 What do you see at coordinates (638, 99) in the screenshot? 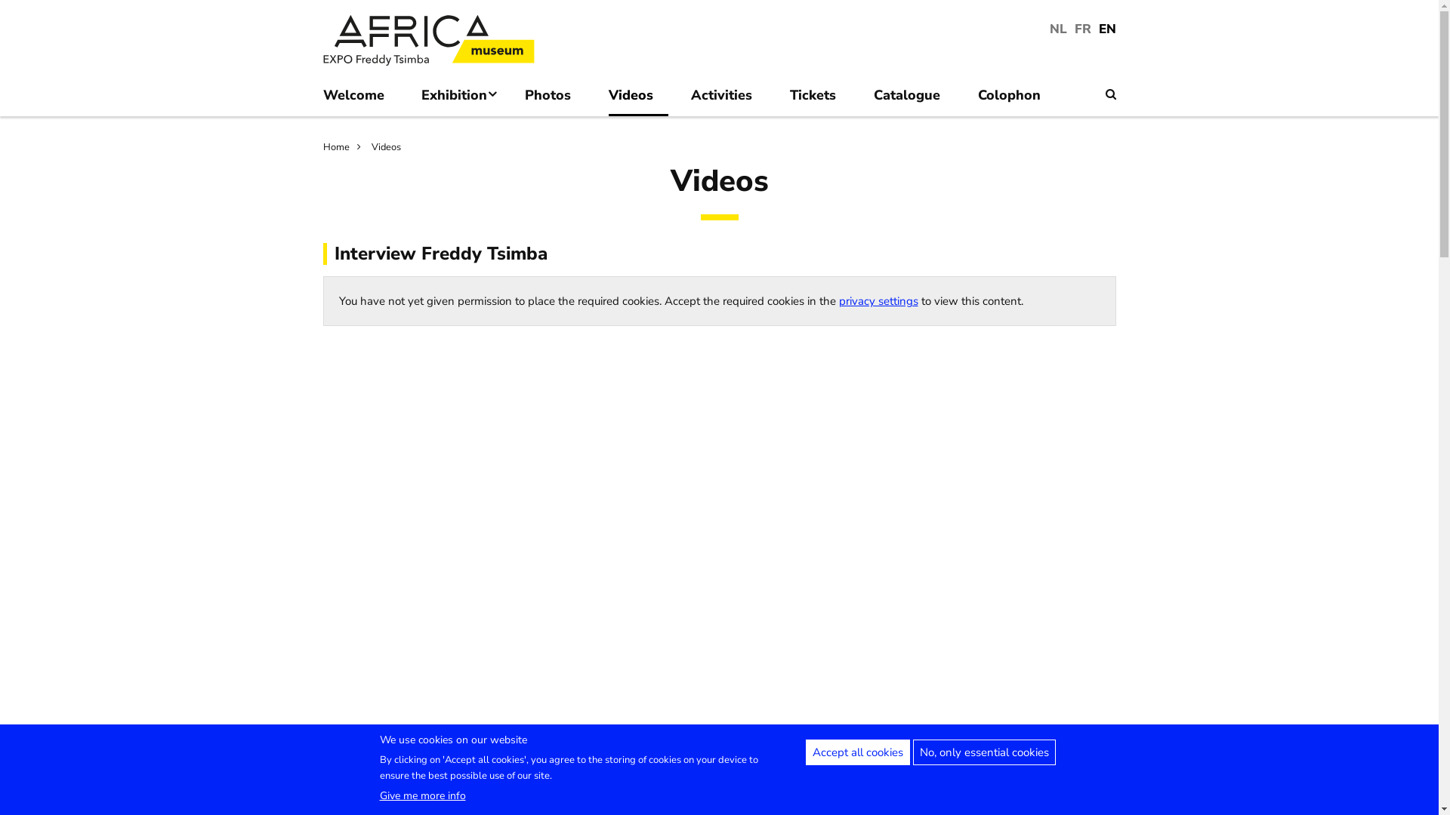
I see `'Videos'` at bounding box center [638, 99].